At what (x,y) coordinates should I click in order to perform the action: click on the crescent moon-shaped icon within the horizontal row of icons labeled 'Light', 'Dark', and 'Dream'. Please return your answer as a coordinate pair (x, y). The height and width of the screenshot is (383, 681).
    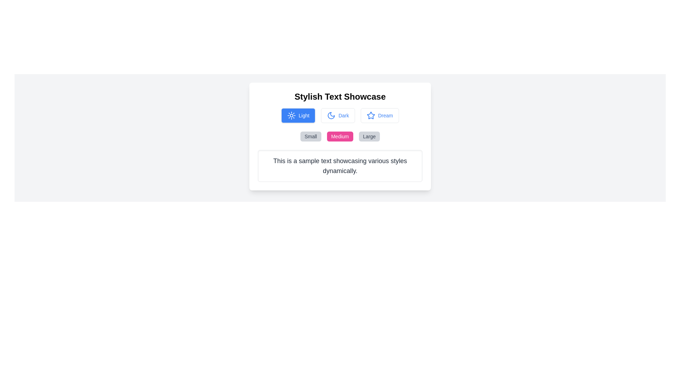
    Looking at the image, I should click on (331, 115).